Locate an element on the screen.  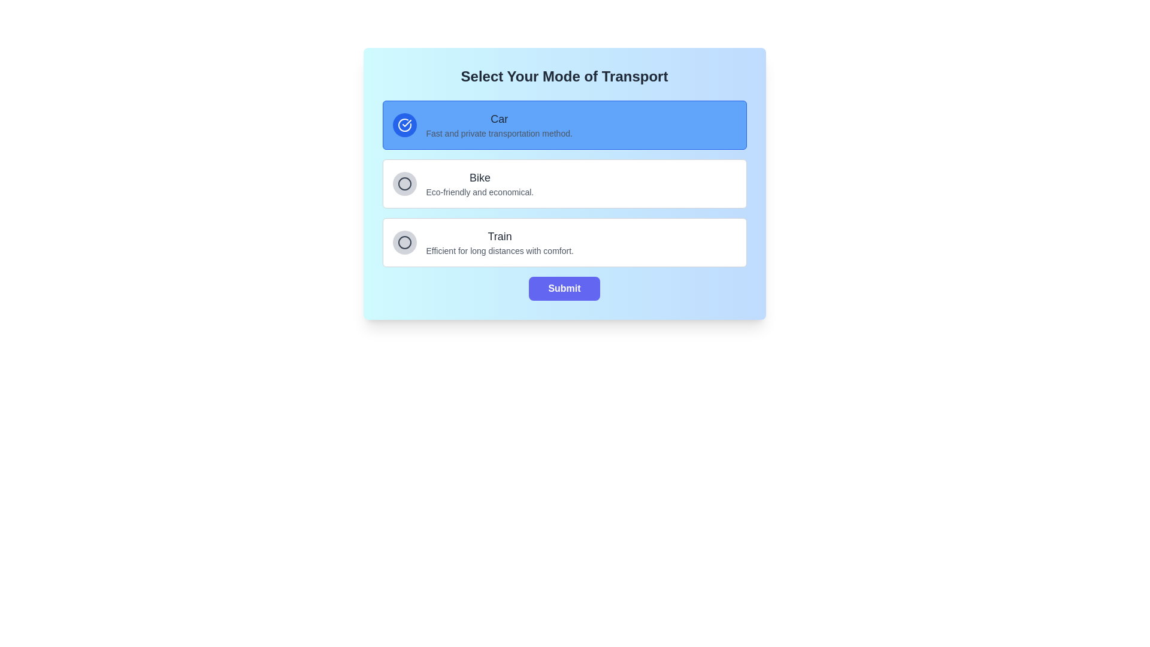
the center of the Radio Button Circle located adjacent to the 'Bike' label is located at coordinates (404, 184).